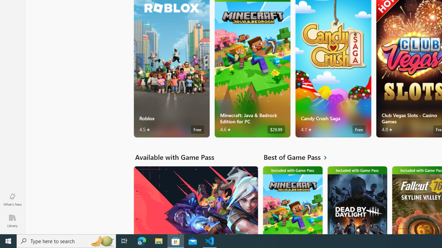  What do you see at coordinates (12, 199) in the screenshot?
I see `'What'` at bounding box center [12, 199].